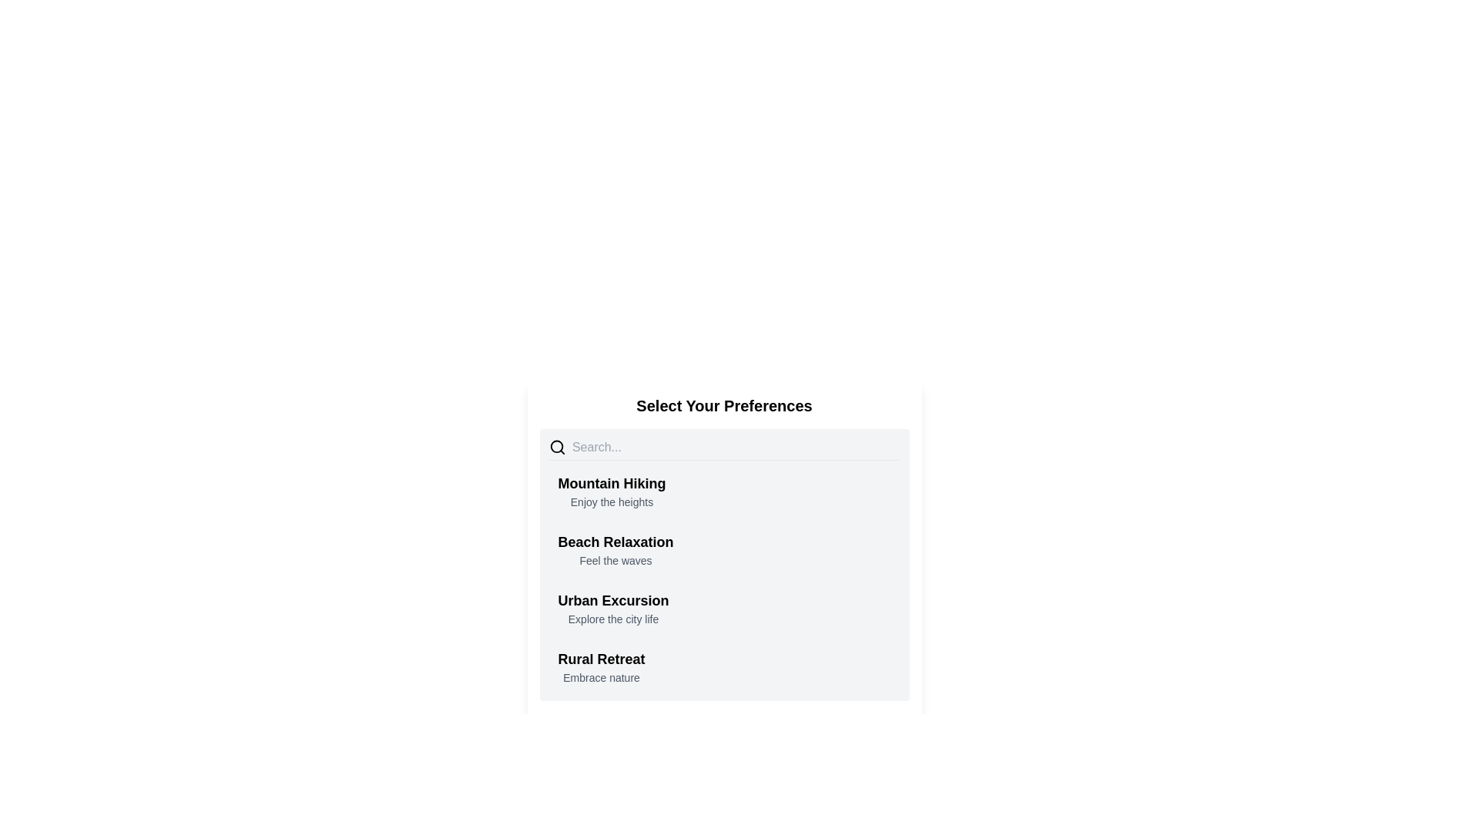 This screenshot has height=832, width=1479. Describe the element at coordinates (611, 483) in the screenshot. I see `the text element indicating 'Mountain Hiking'` at that location.